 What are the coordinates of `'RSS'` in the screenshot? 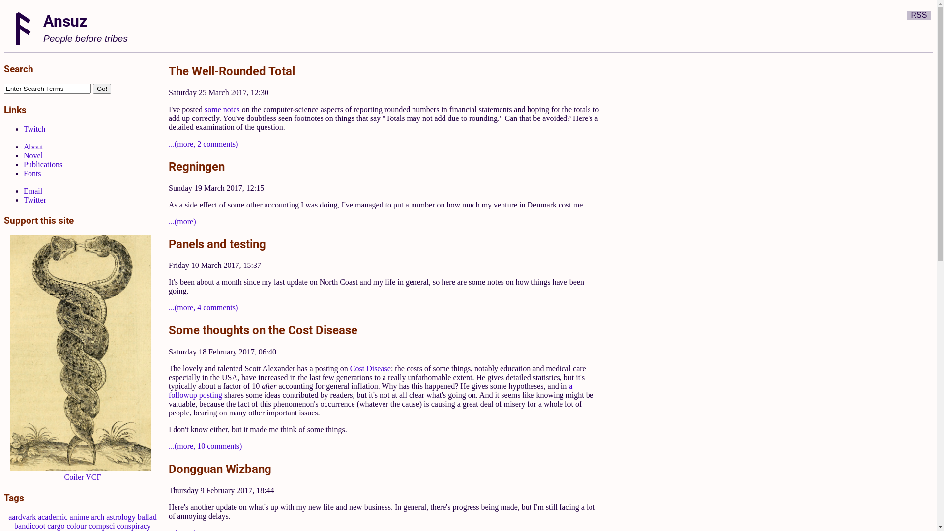 It's located at (918, 15).